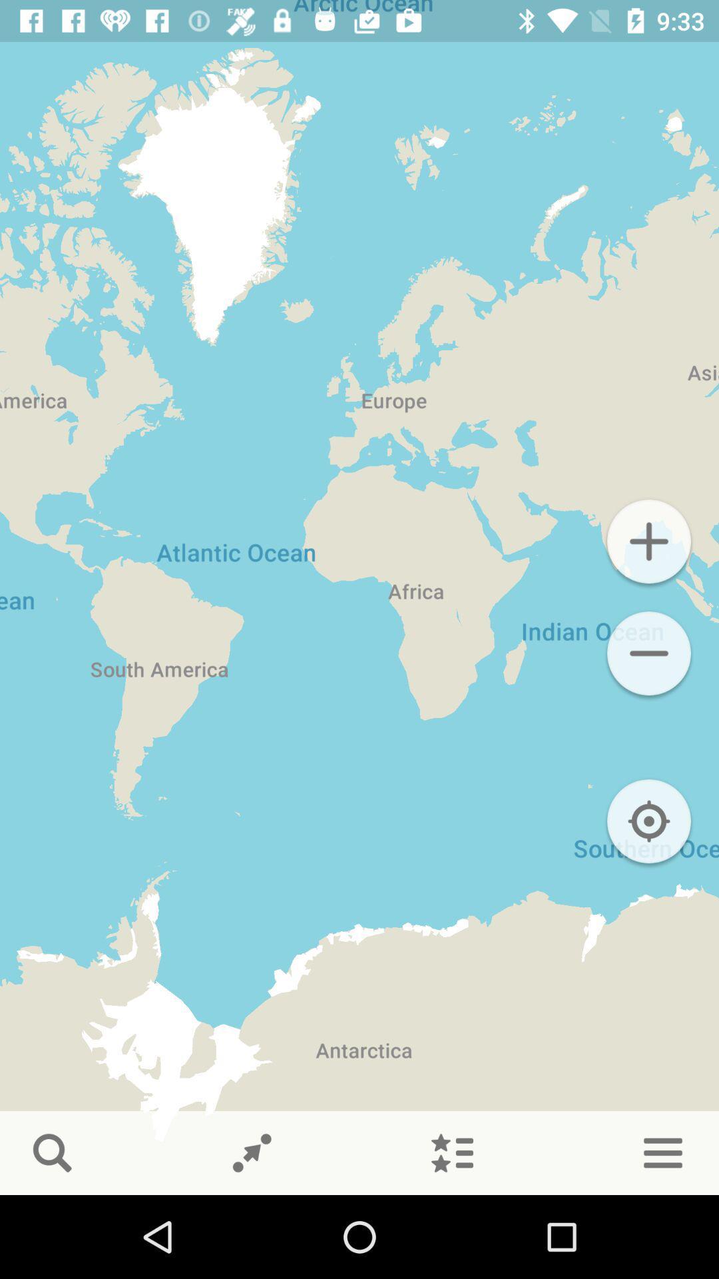  I want to click on the search icon, so click(51, 1152).